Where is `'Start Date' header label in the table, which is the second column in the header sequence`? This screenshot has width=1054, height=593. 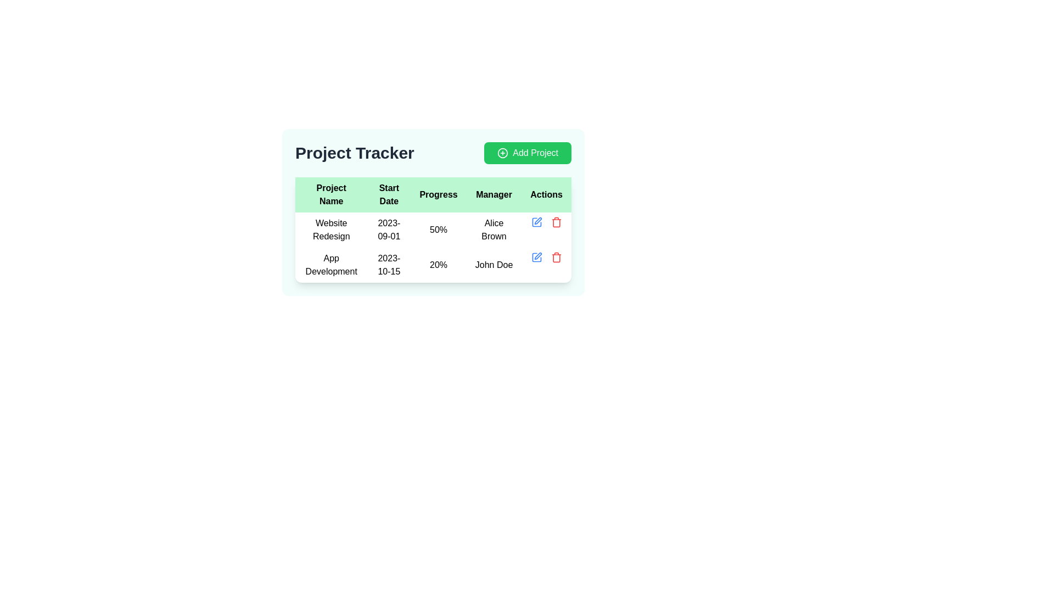
'Start Date' header label in the table, which is the second column in the header sequence is located at coordinates (389, 194).